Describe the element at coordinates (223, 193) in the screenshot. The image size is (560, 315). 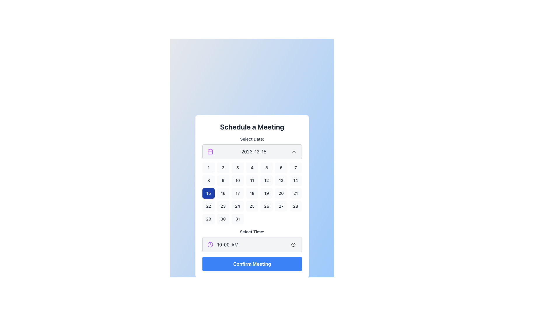
I see `the button displaying the number '16' in the calendar interface` at that location.